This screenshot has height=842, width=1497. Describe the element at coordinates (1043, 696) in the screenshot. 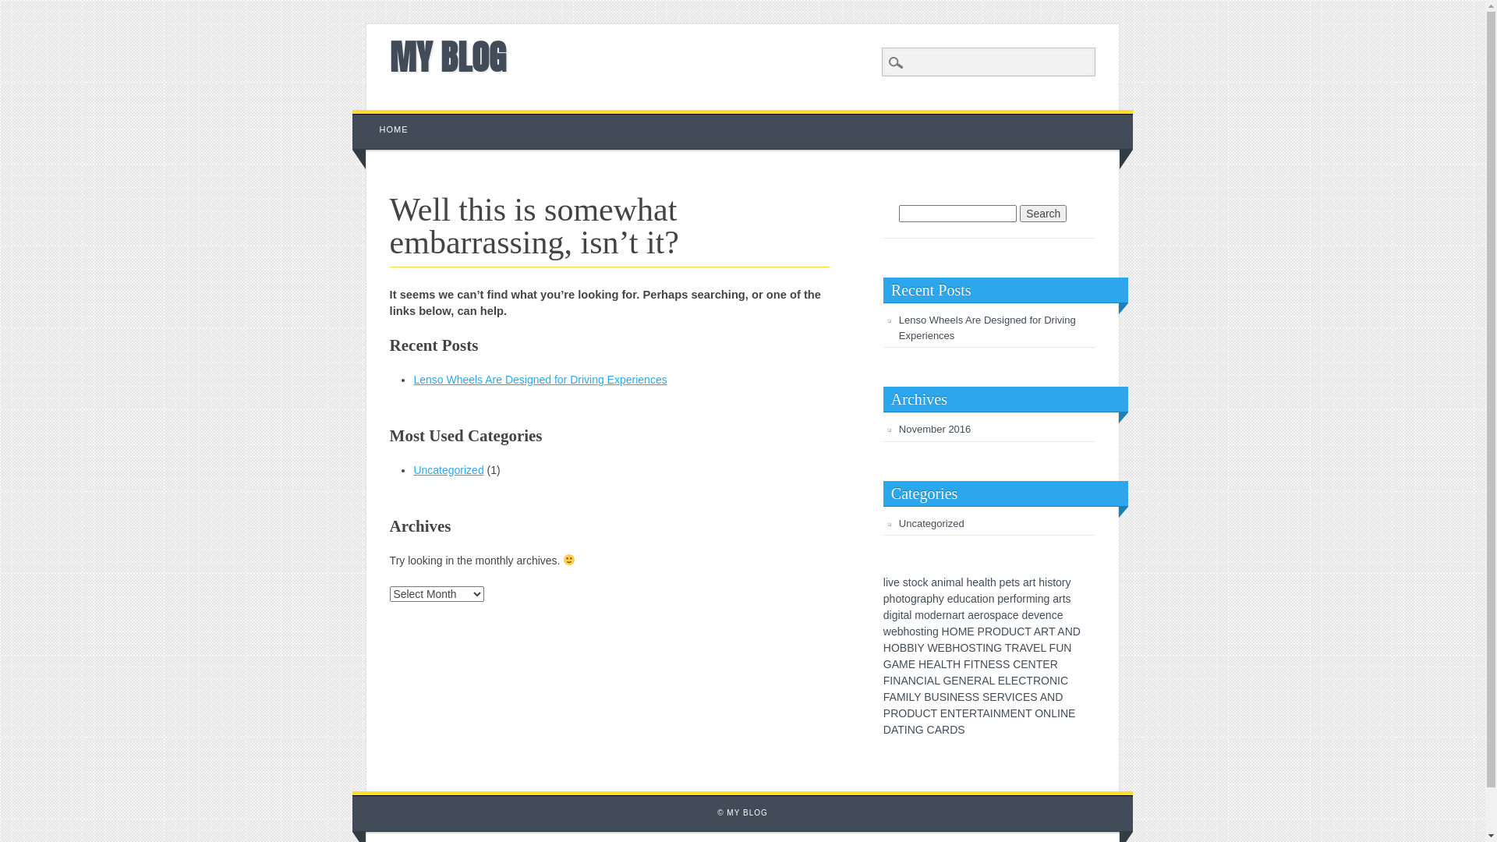

I see `'A'` at that location.